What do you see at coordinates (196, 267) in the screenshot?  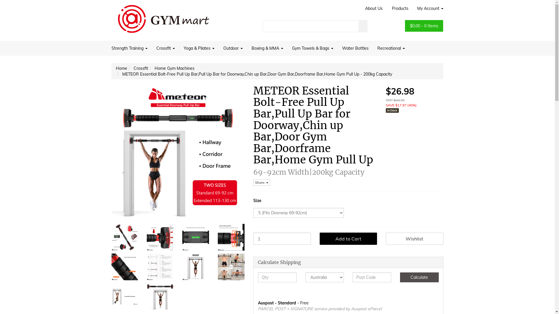 I see `'Large View'` at bounding box center [196, 267].